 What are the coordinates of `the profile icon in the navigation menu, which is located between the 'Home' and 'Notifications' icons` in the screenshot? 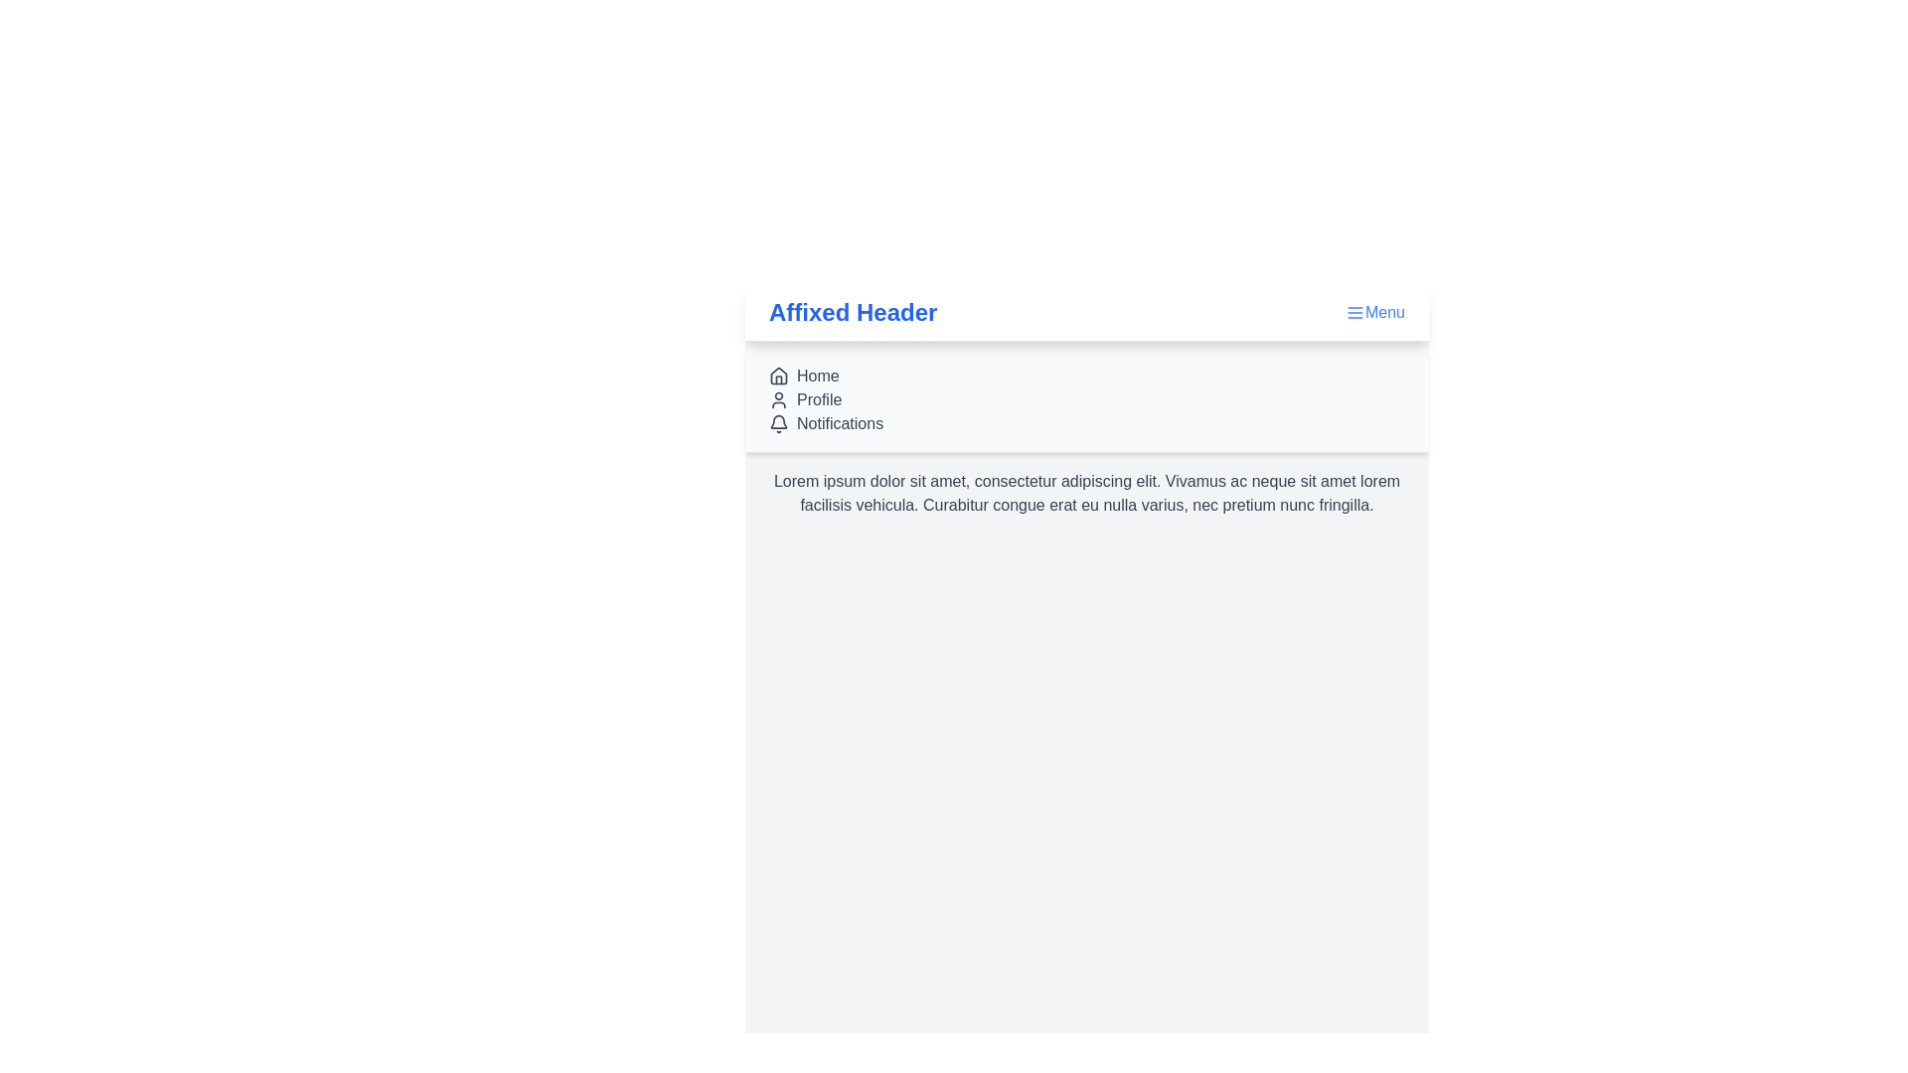 It's located at (777, 399).